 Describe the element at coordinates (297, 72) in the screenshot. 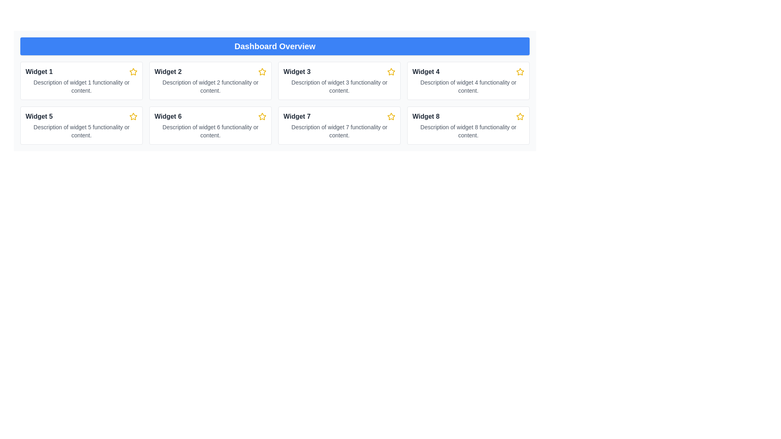

I see `the title text of the third card in the first row of the grid layout, which is positioned between 'Widget 2' and 'Widget 4'` at that location.